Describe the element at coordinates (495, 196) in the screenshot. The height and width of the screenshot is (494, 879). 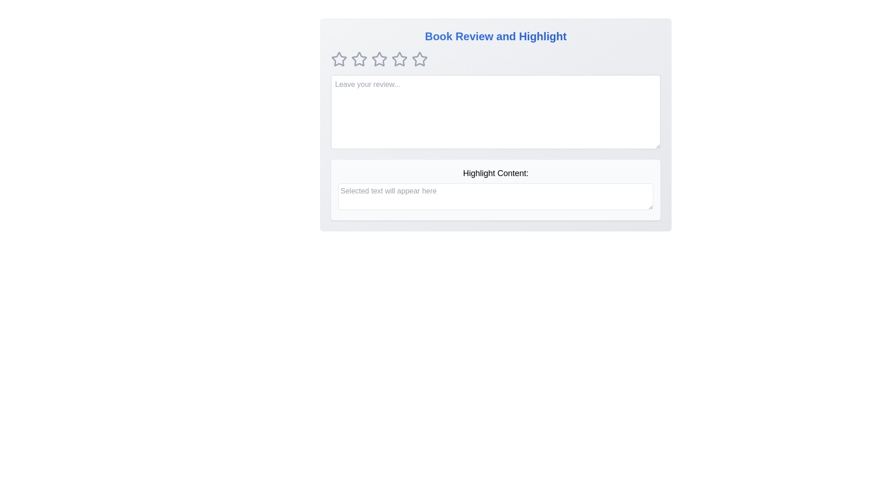
I see `the 'Highlight Content' section to focus on it` at that location.